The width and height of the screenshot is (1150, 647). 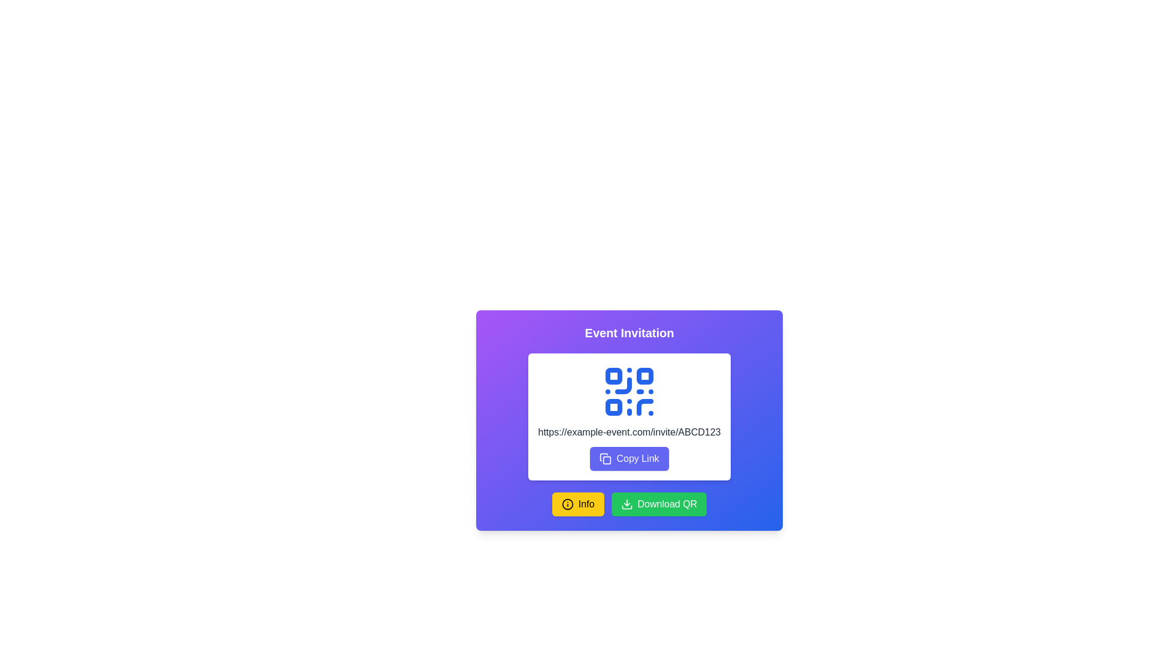 I want to click on the bottom component of the download icon, which symbolizes file downloads and is located near the bottom-right of the interface, below the 'Event Invitation' QR code section, alongside the 'Download QR' button, so click(x=626, y=507).